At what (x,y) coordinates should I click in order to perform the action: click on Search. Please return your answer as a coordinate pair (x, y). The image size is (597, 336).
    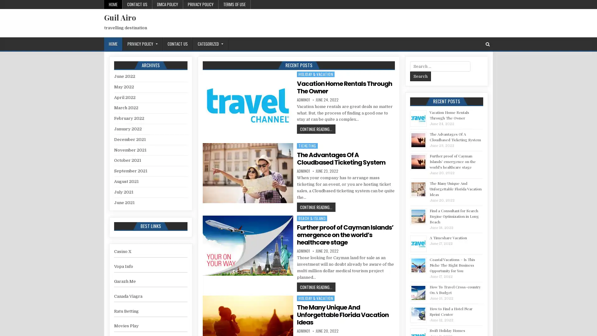
    Looking at the image, I should click on (420, 76).